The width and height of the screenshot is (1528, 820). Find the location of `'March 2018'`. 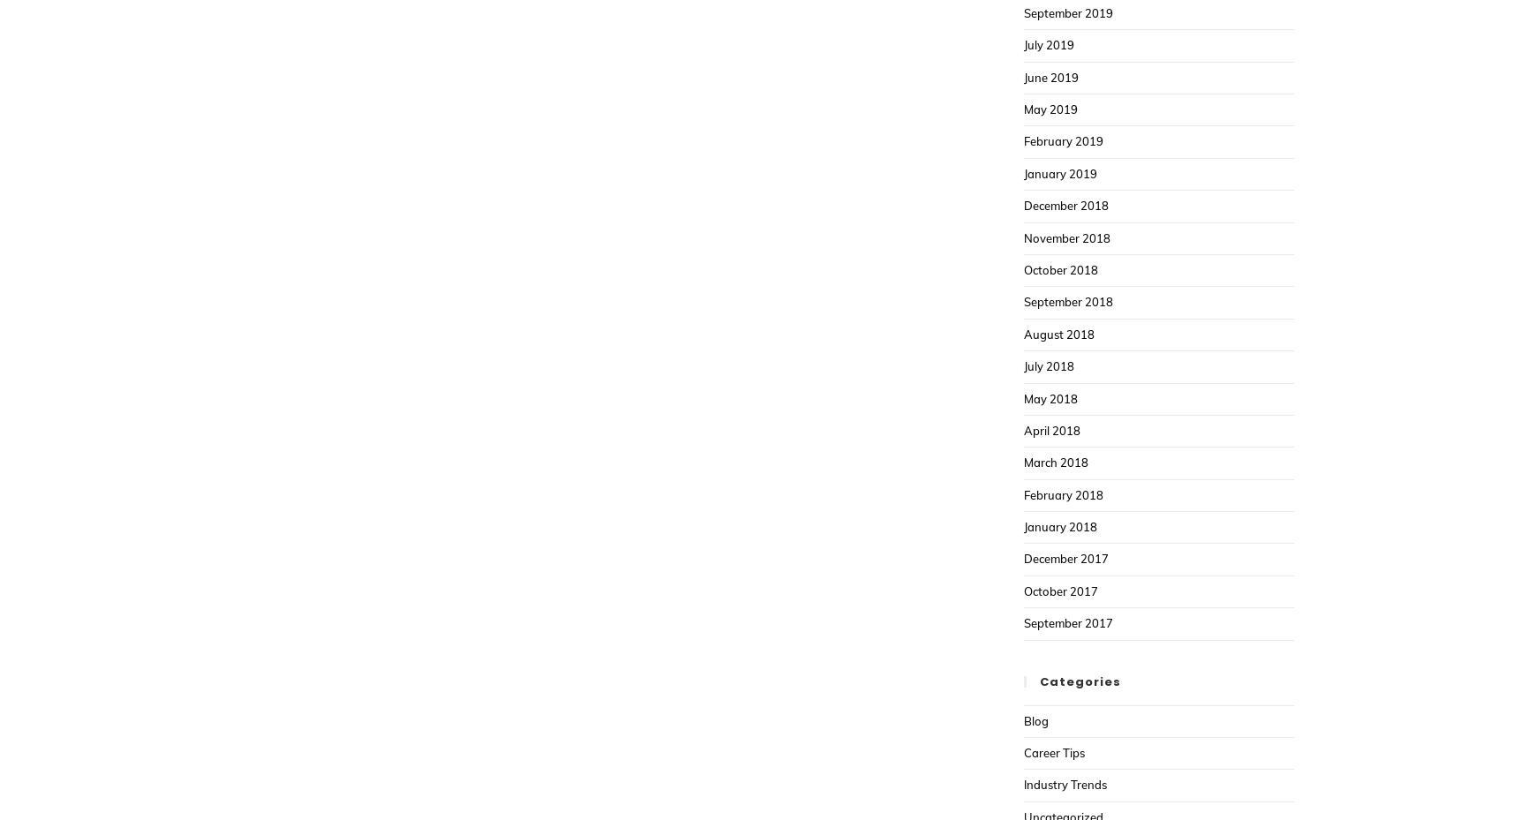

'March 2018' is located at coordinates (1055, 462).